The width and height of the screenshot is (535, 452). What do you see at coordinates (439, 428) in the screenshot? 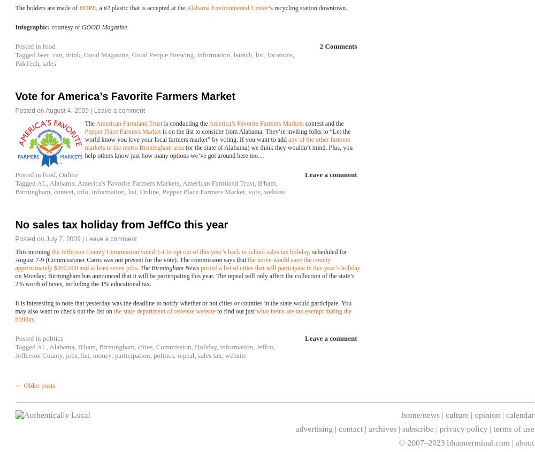
I see `'privacy policy'` at bounding box center [439, 428].